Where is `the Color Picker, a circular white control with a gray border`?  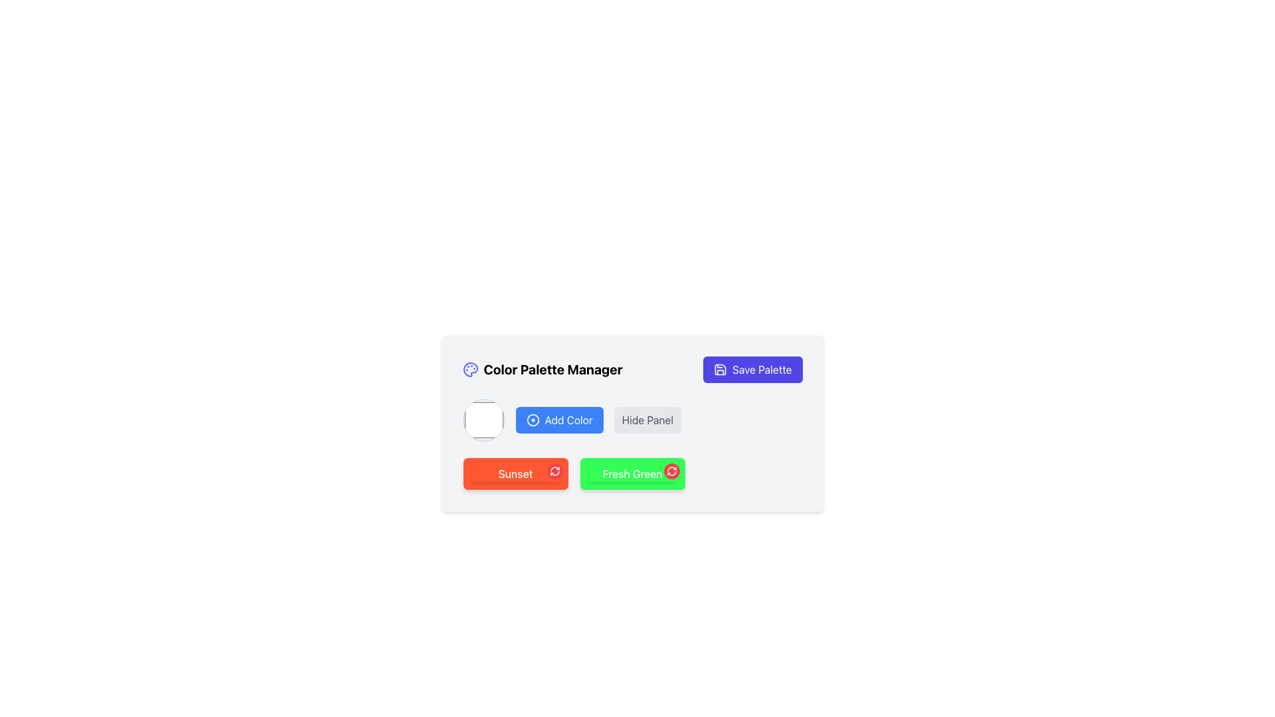
the Color Picker, a circular white control with a gray border is located at coordinates (483, 420).